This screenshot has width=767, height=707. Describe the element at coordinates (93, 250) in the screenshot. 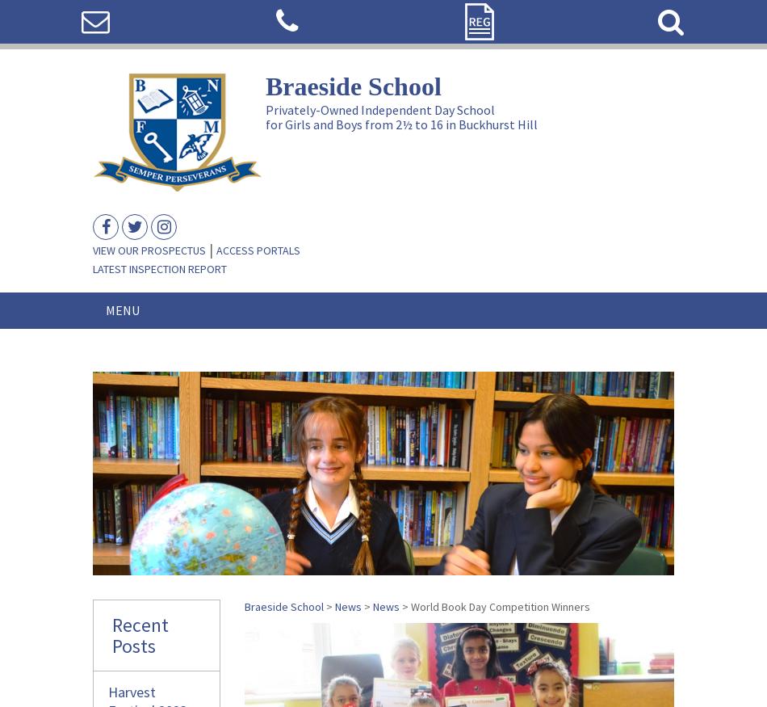

I see `'VIEW OUR PROSPECTUS'` at that location.